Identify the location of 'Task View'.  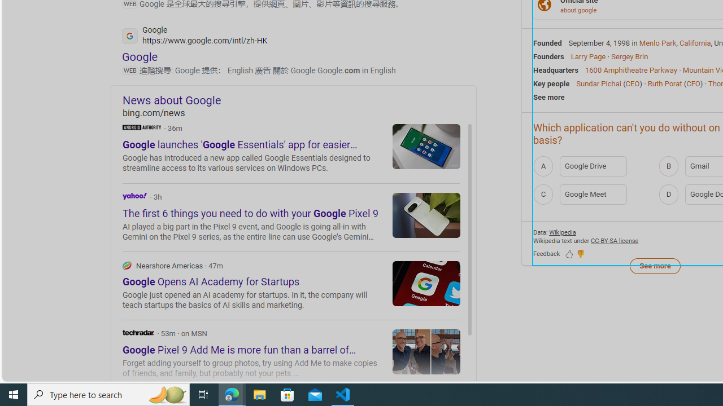
(203, 394).